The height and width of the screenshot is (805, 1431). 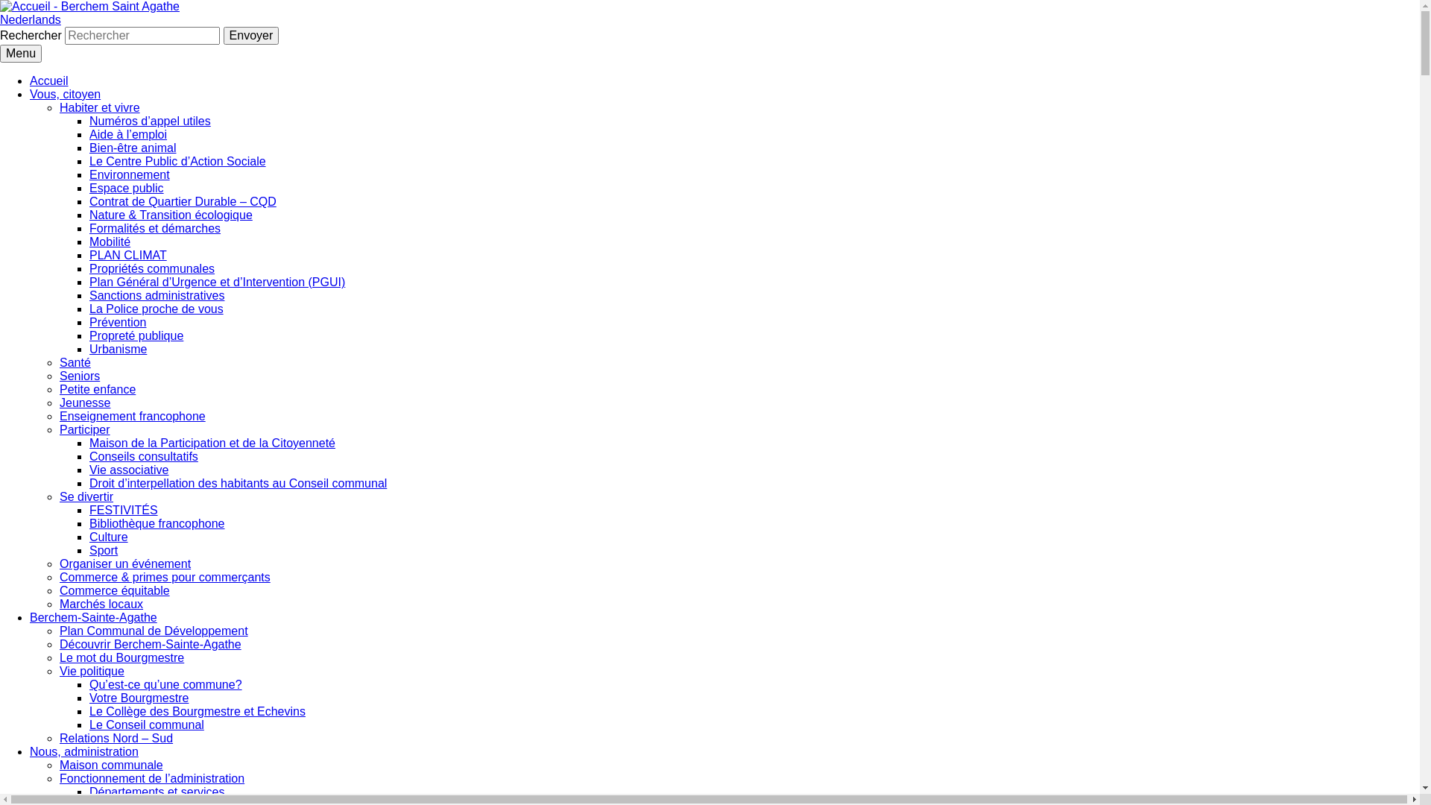 What do you see at coordinates (21, 53) in the screenshot?
I see `'Menu'` at bounding box center [21, 53].